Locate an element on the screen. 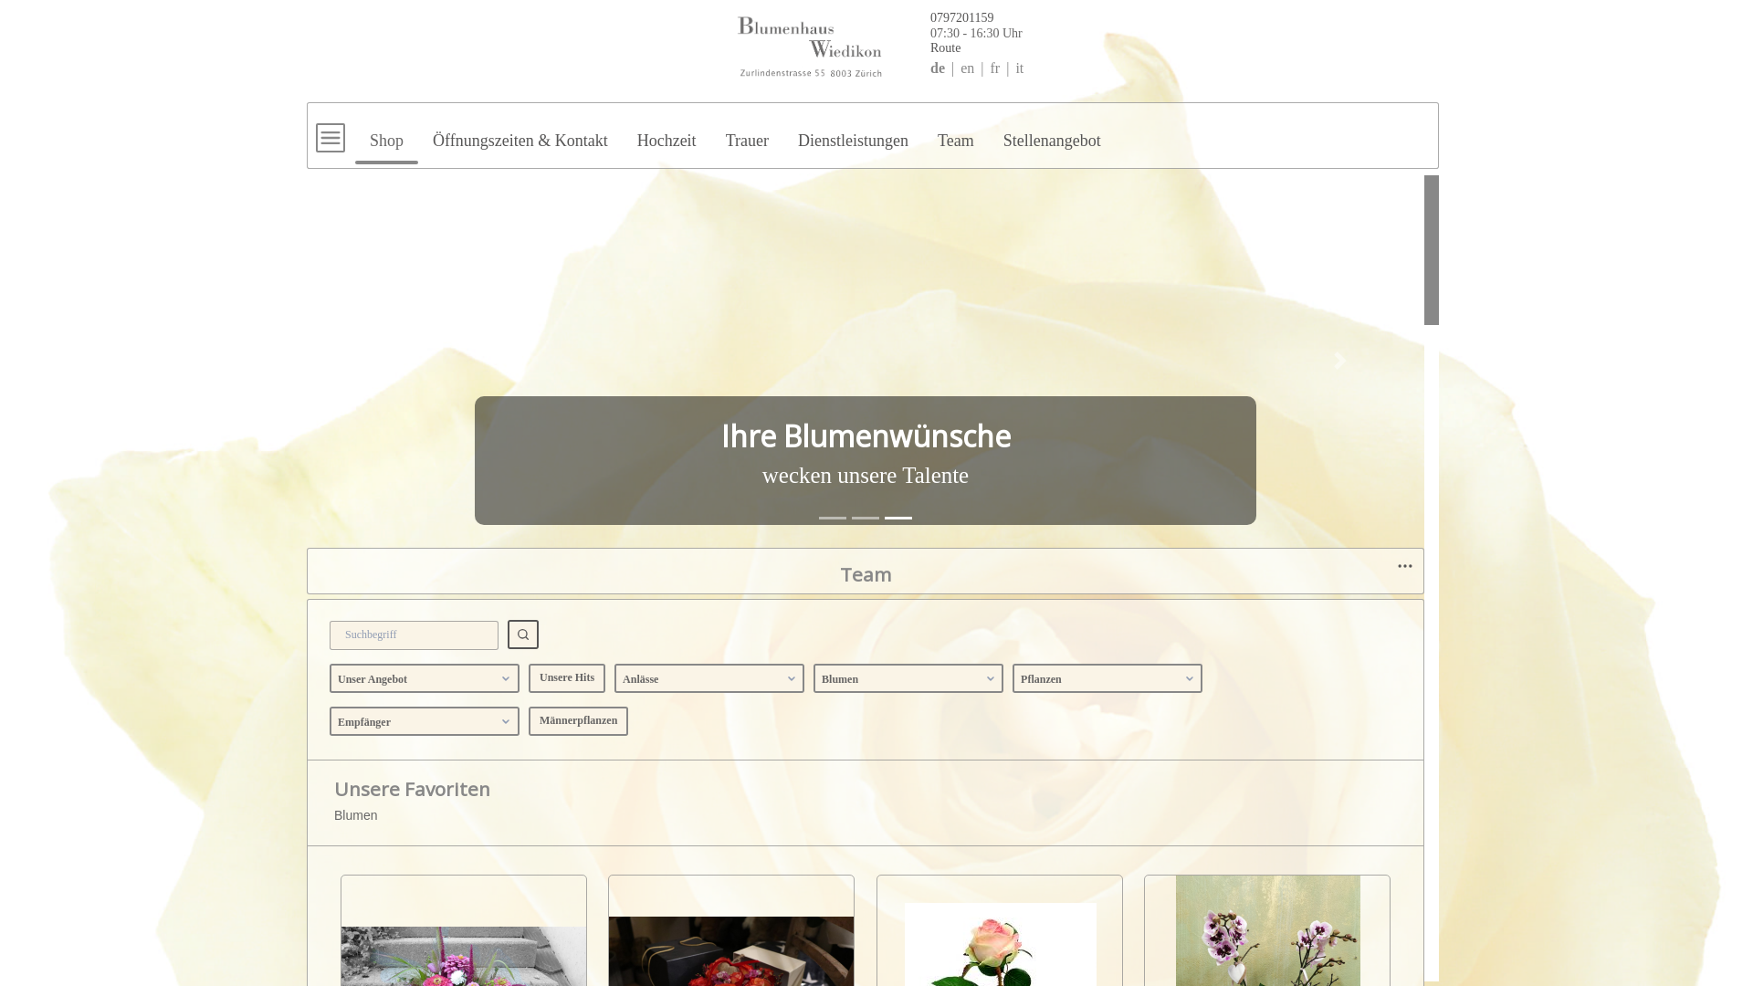 The width and height of the screenshot is (1753, 986). 'Team' is located at coordinates (954, 131).